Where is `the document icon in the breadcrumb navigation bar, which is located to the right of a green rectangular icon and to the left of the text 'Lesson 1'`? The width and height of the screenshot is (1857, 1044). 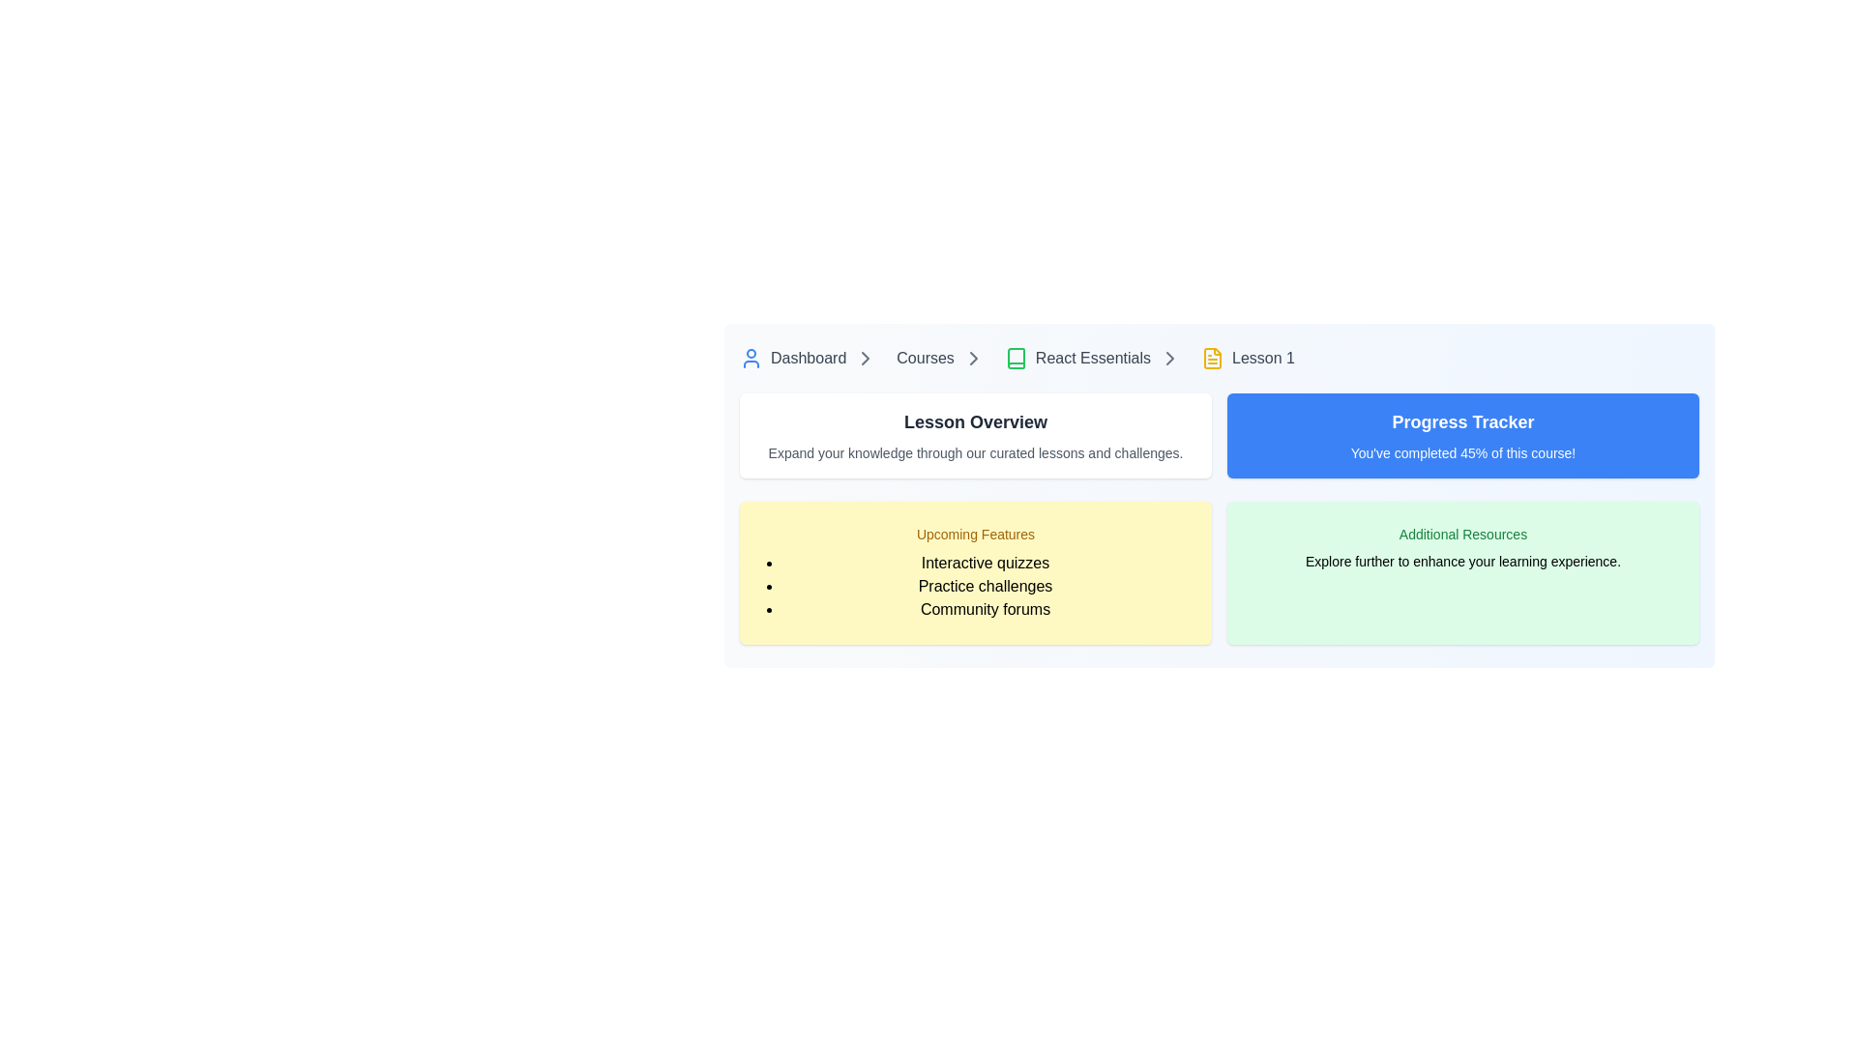
the document icon in the breadcrumb navigation bar, which is located to the right of a green rectangular icon and to the left of the text 'Lesson 1' is located at coordinates (1211, 358).